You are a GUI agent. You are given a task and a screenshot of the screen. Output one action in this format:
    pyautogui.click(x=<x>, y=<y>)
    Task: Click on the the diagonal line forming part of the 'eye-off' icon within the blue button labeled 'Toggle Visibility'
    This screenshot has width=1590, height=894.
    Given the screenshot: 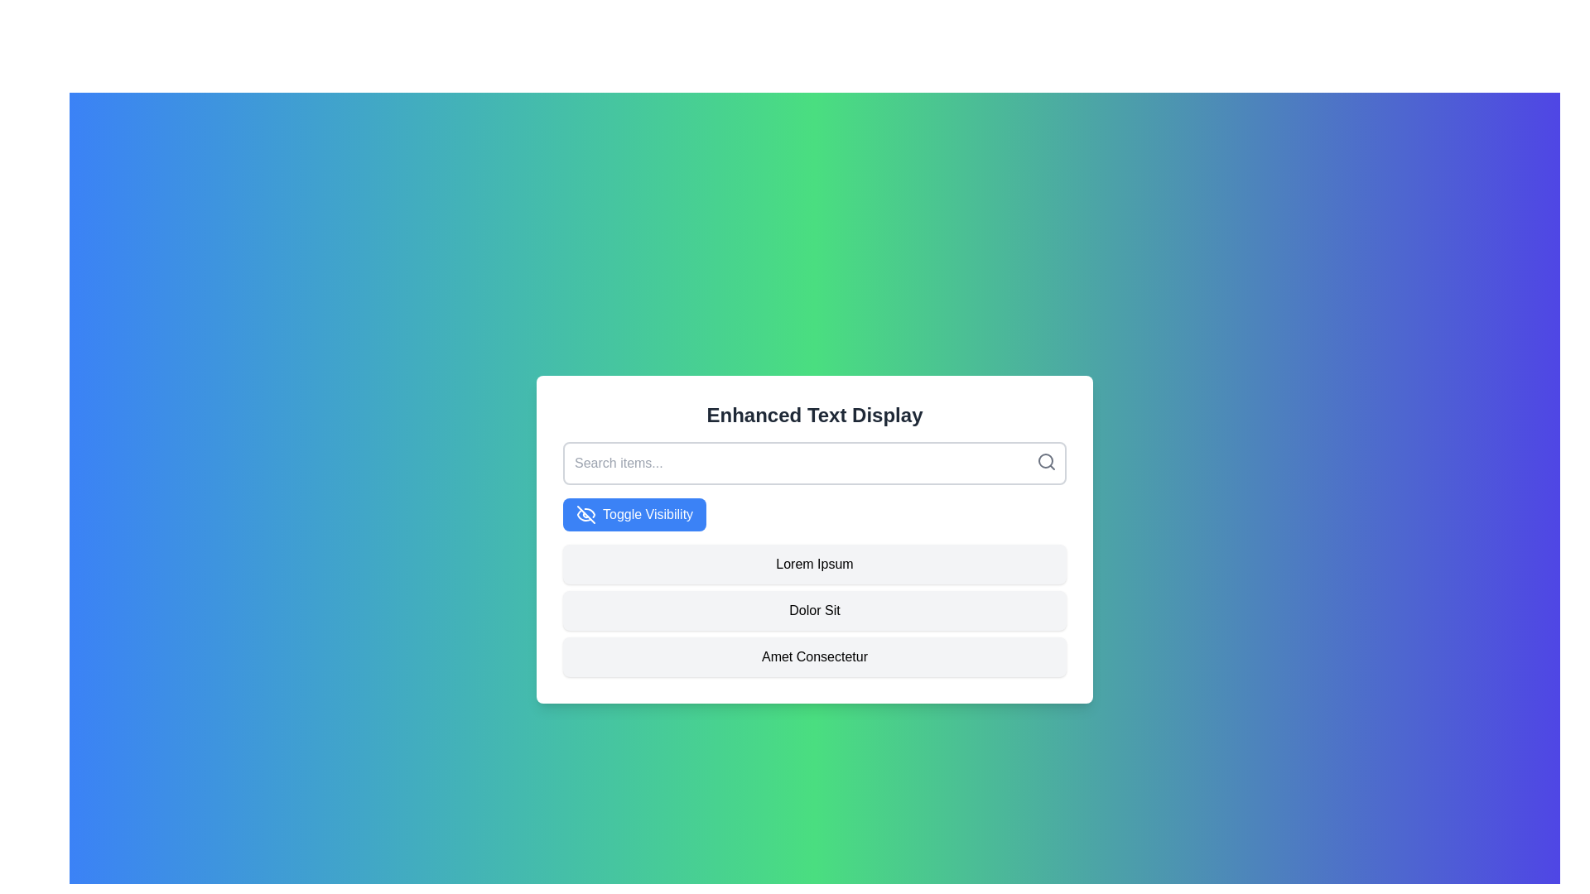 What is the action you would take?
    pyautogui.click(x=586, y=513)
    